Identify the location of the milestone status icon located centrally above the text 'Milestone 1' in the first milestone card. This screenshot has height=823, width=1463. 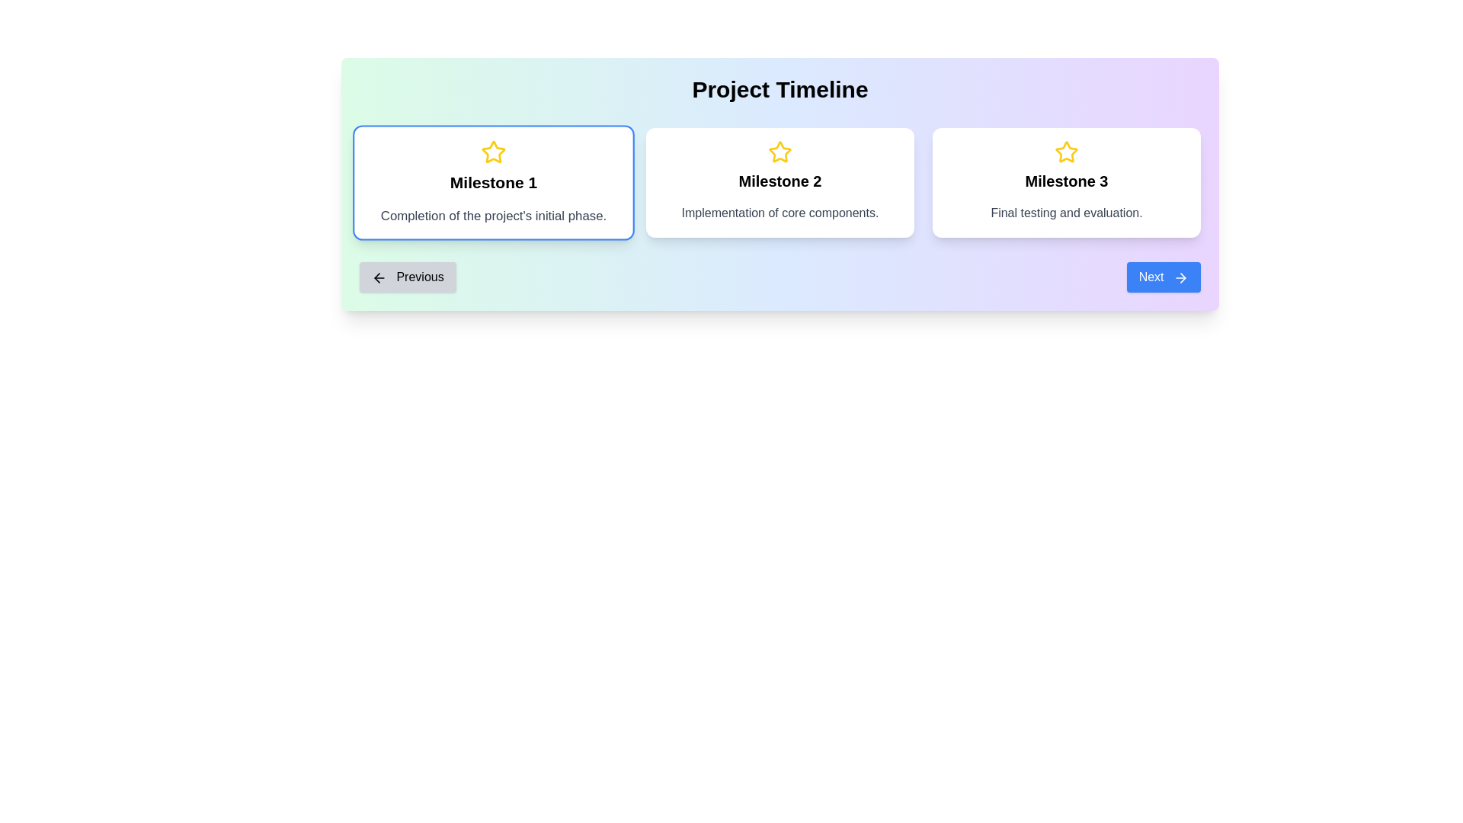
(494, 152).